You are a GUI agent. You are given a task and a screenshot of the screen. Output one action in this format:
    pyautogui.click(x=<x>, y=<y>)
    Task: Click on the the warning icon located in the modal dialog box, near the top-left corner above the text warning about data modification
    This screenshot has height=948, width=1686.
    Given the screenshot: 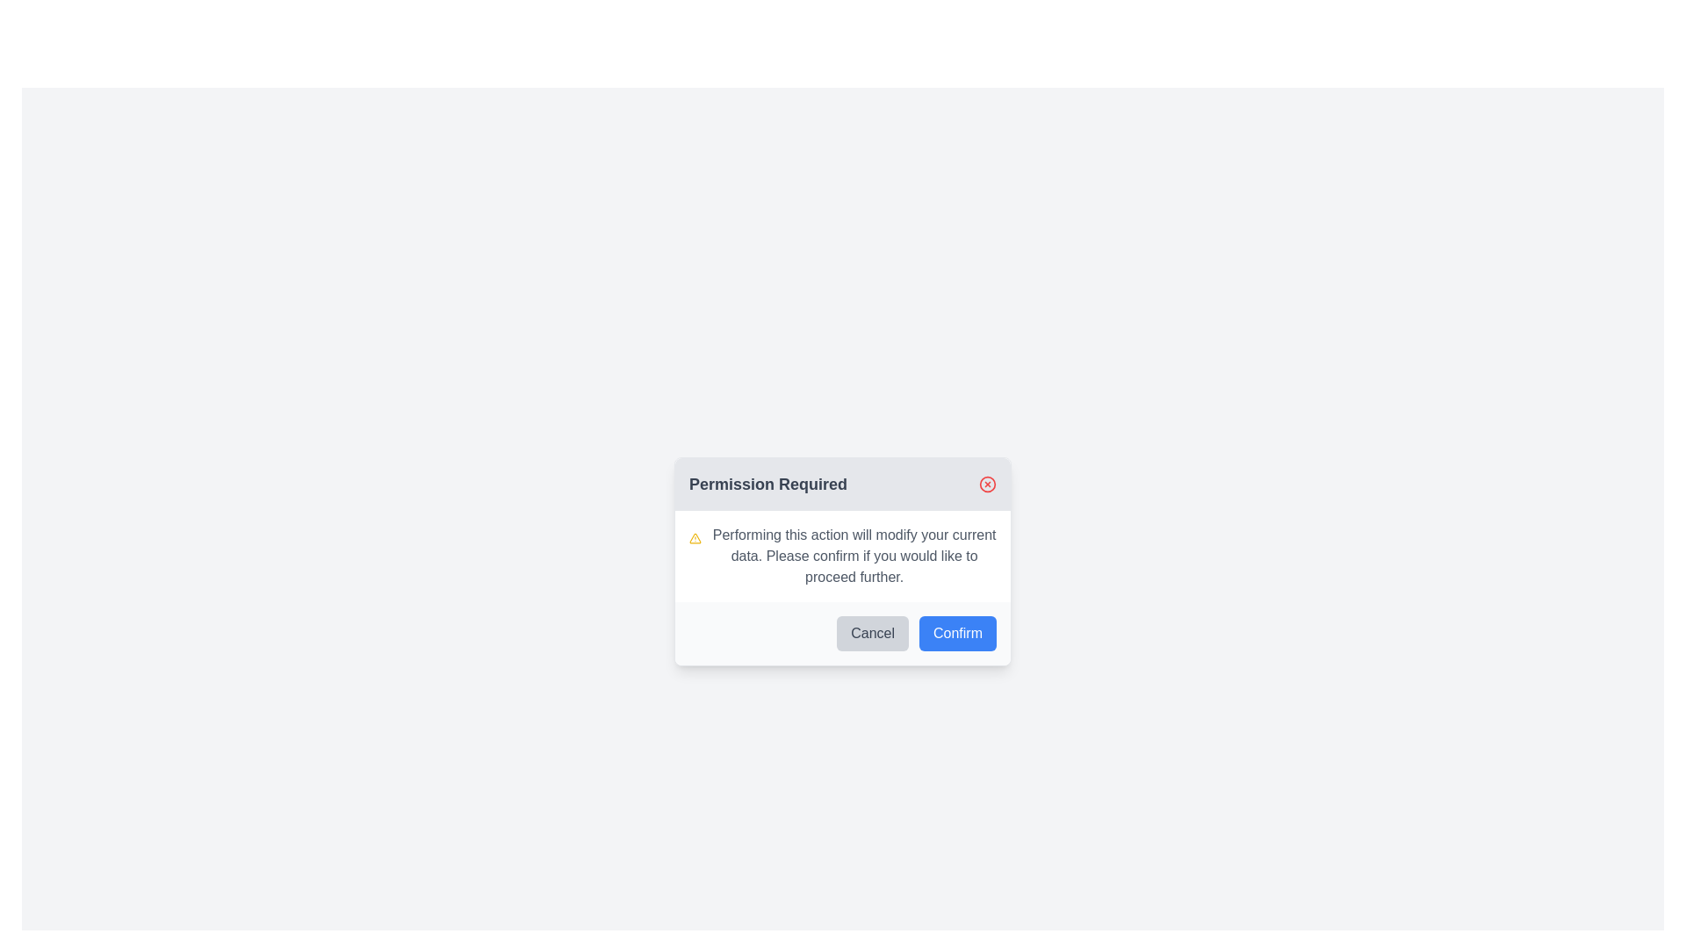 What is the action you would take?
    pyautogui.click(x=695, y=537)
    